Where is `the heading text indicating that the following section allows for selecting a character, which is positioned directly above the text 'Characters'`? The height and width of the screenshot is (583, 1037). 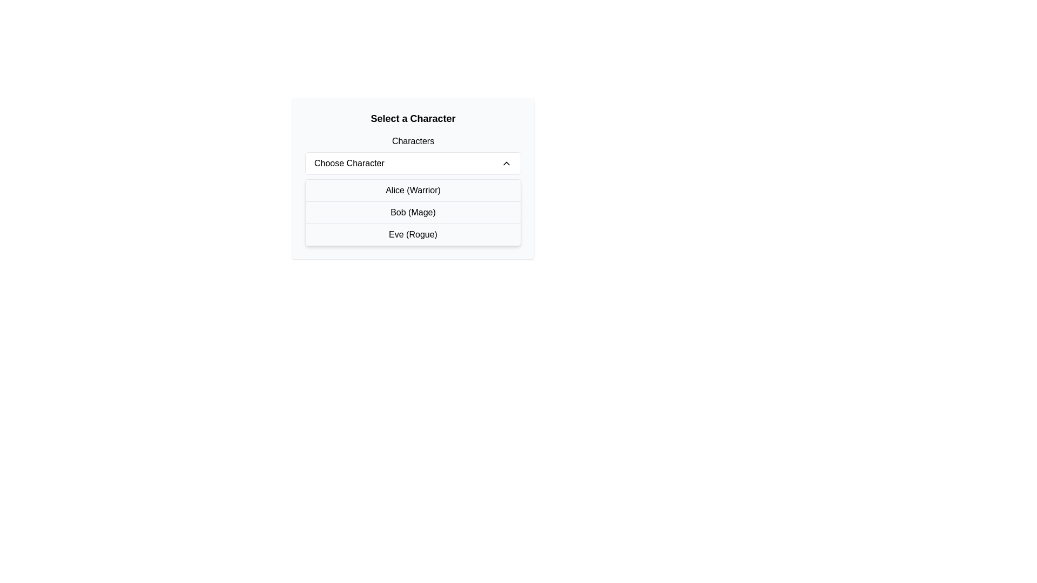 the heading text indicating that the following section allows for selecting a character, which is positioned directly above the text 'Characters' is located at coordinates (412, 118).